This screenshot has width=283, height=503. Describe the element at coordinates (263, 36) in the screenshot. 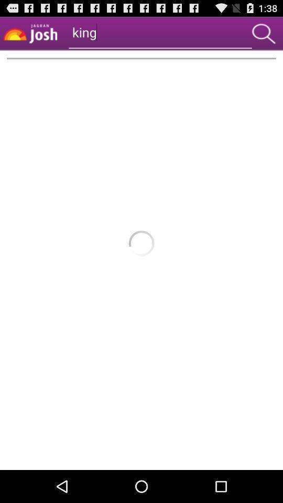

I see `the search icon` at that location.